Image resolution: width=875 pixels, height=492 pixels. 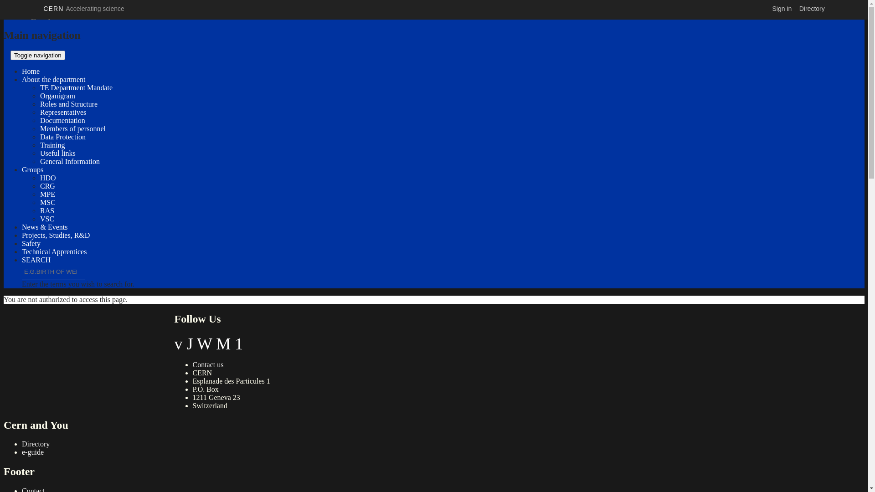 I want to click on 'Enter the terms you wish to search for.', so click(x=22, y=272).